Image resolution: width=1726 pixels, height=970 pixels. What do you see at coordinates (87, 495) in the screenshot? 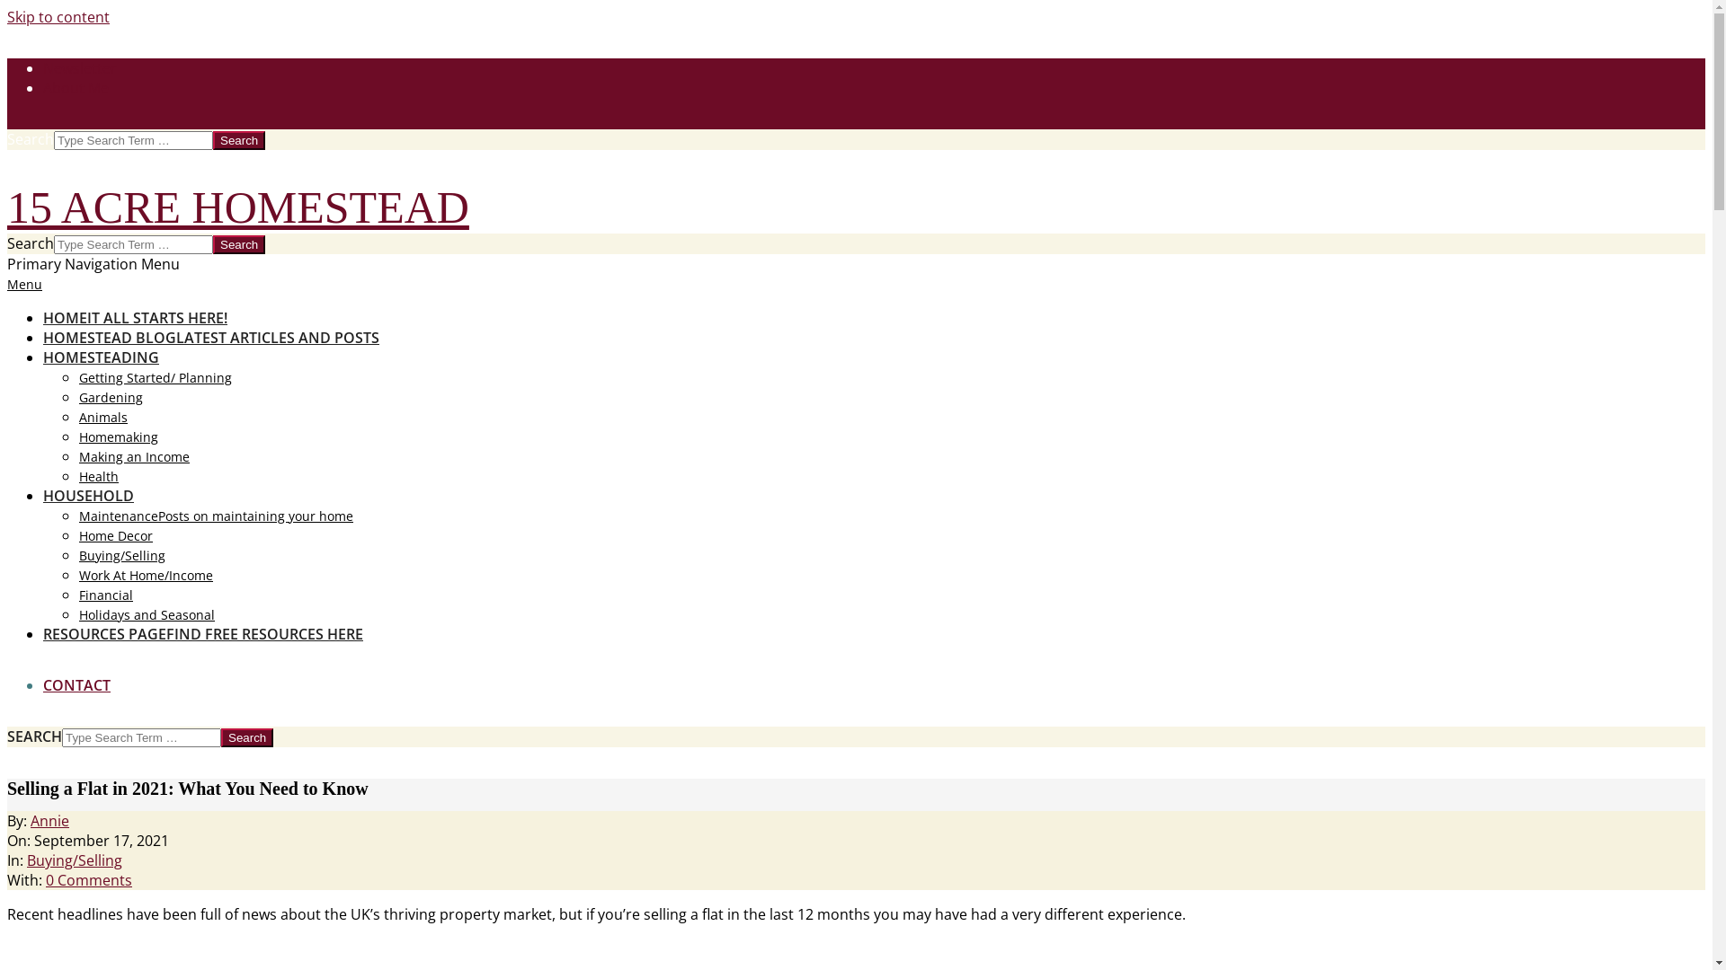
I see `'HOUSEHOLD'` at bounding box center [87, 495].